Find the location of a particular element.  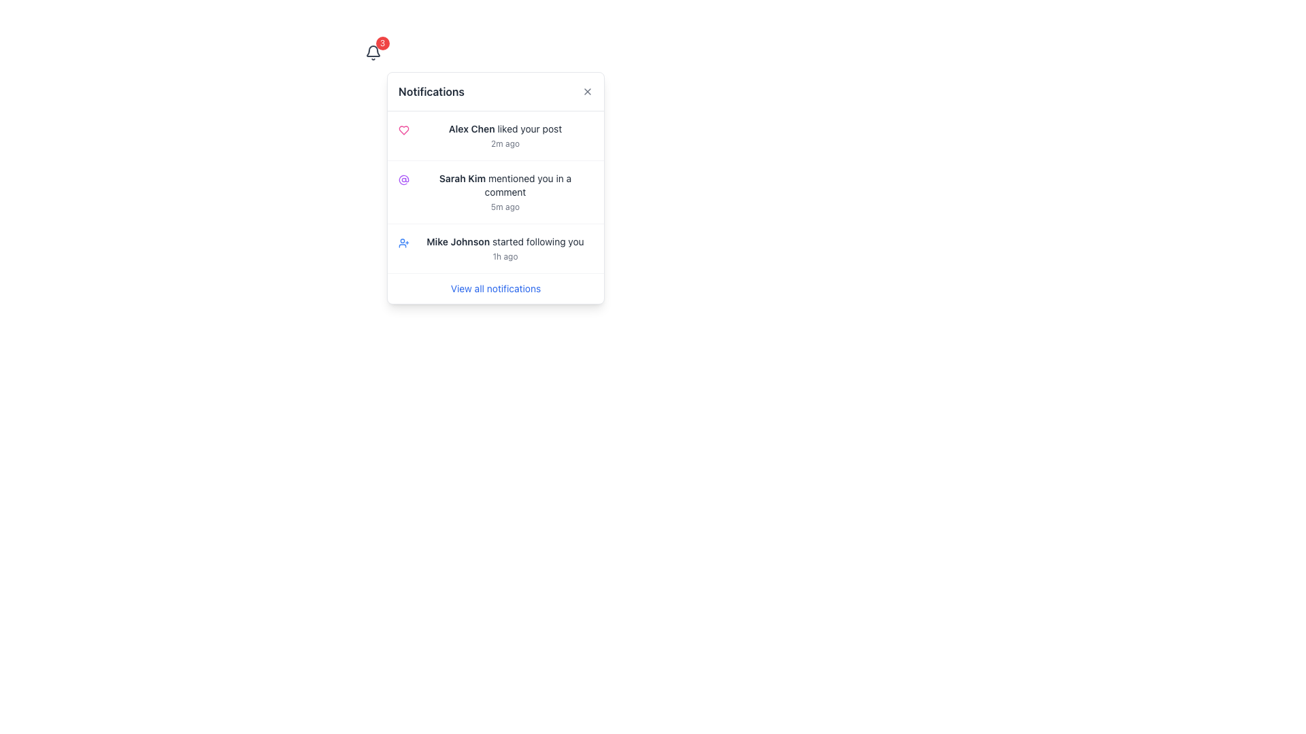

the user-following icon located at the top-left corner of the list item containing the text 'Mike Johnson started following you 1h ago' is located at coordinates (403, 243).